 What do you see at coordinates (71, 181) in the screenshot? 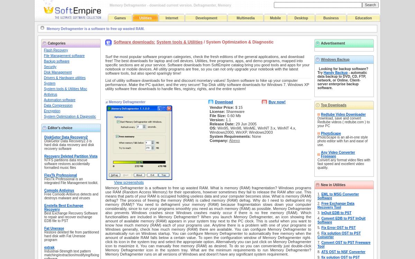
I see `'FlexTk Professional is an integrated File Management toolkit.'` at bounding box center [71, 181].